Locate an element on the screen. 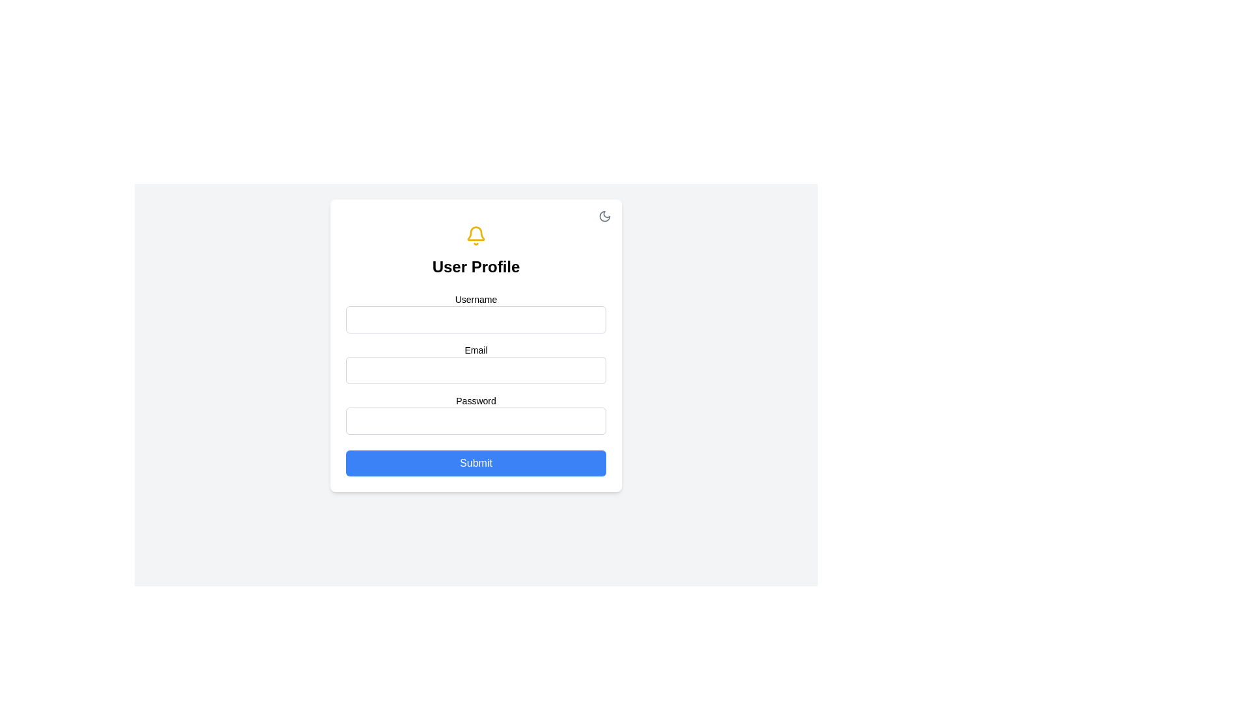 The image size is (1249, 702). the crescent moon icon button in the top-right corner of the pop-up interface is located at coordinates (604, 215).